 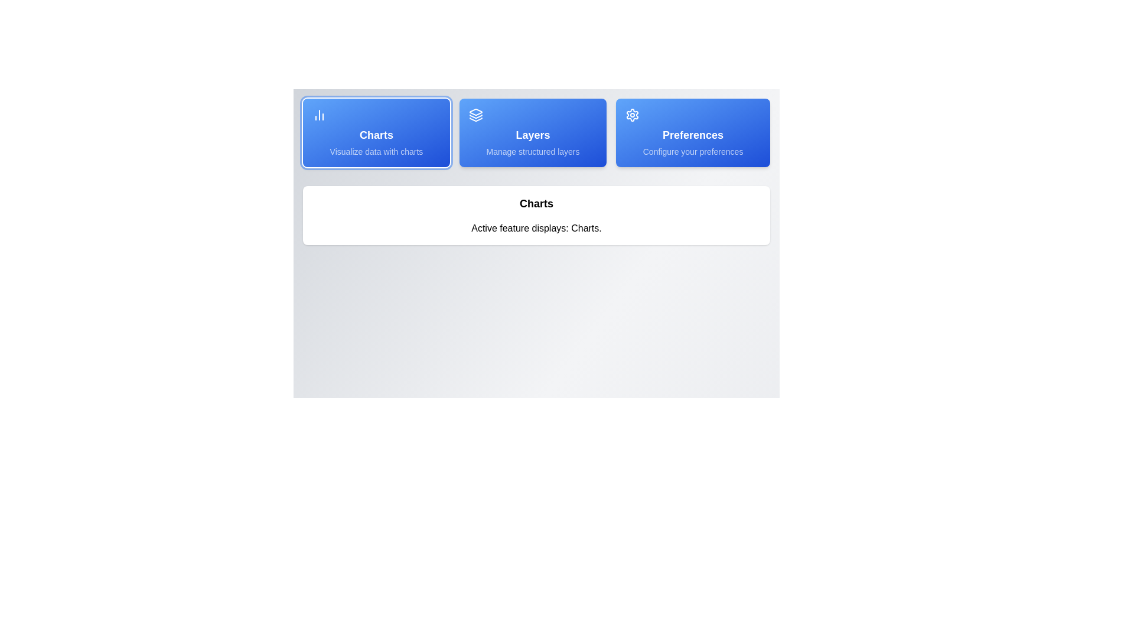 I want to click on text label that contains the word 'Preferences', which is styled with a bold font and located centrally within a blue rectangular background in the third item of a horizontal menu, so click(x=693, y=134).